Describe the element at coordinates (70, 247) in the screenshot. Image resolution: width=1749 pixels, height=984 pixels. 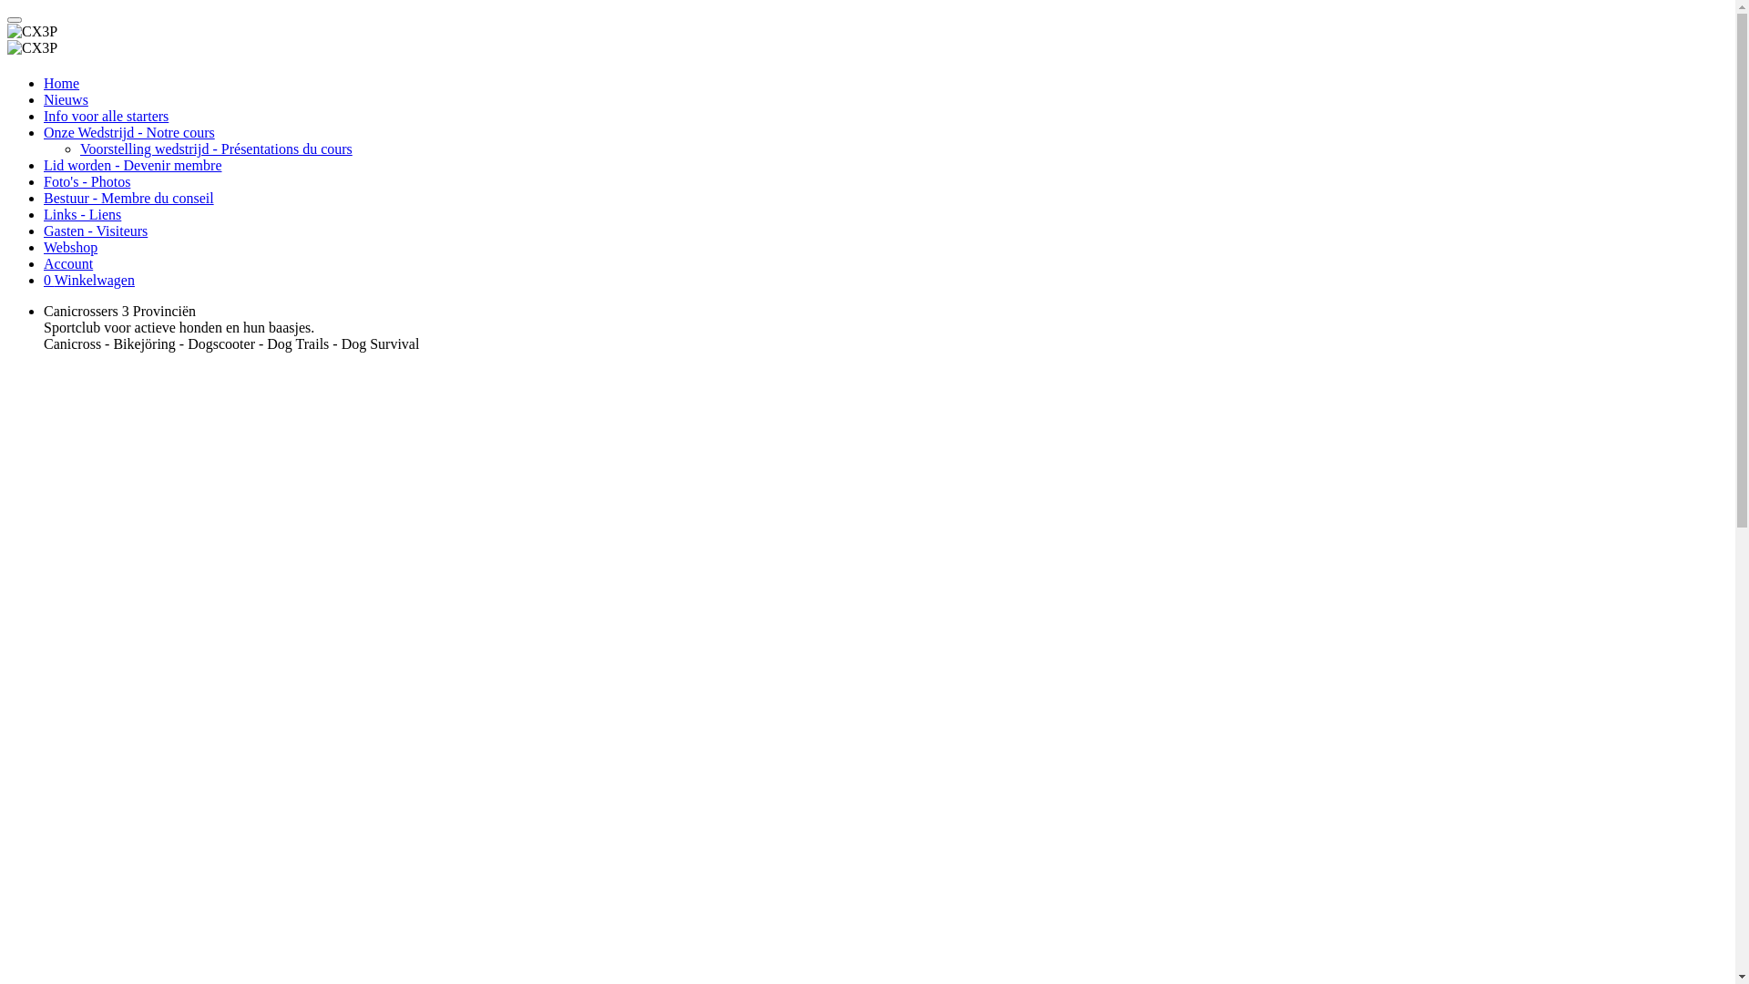
I see `'Webshop'` at that location.